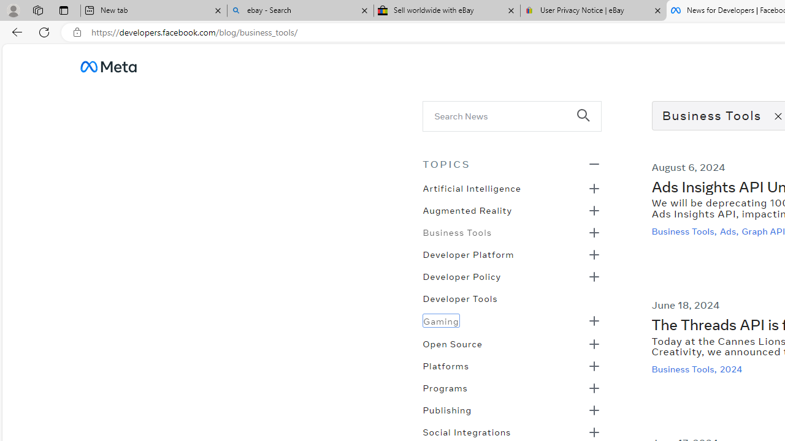 The width and height of the screenshot is (785, 441). Describe the element at coordinates (467, 209) in the screenshot. I see `'Augmented Reality'` at that location.